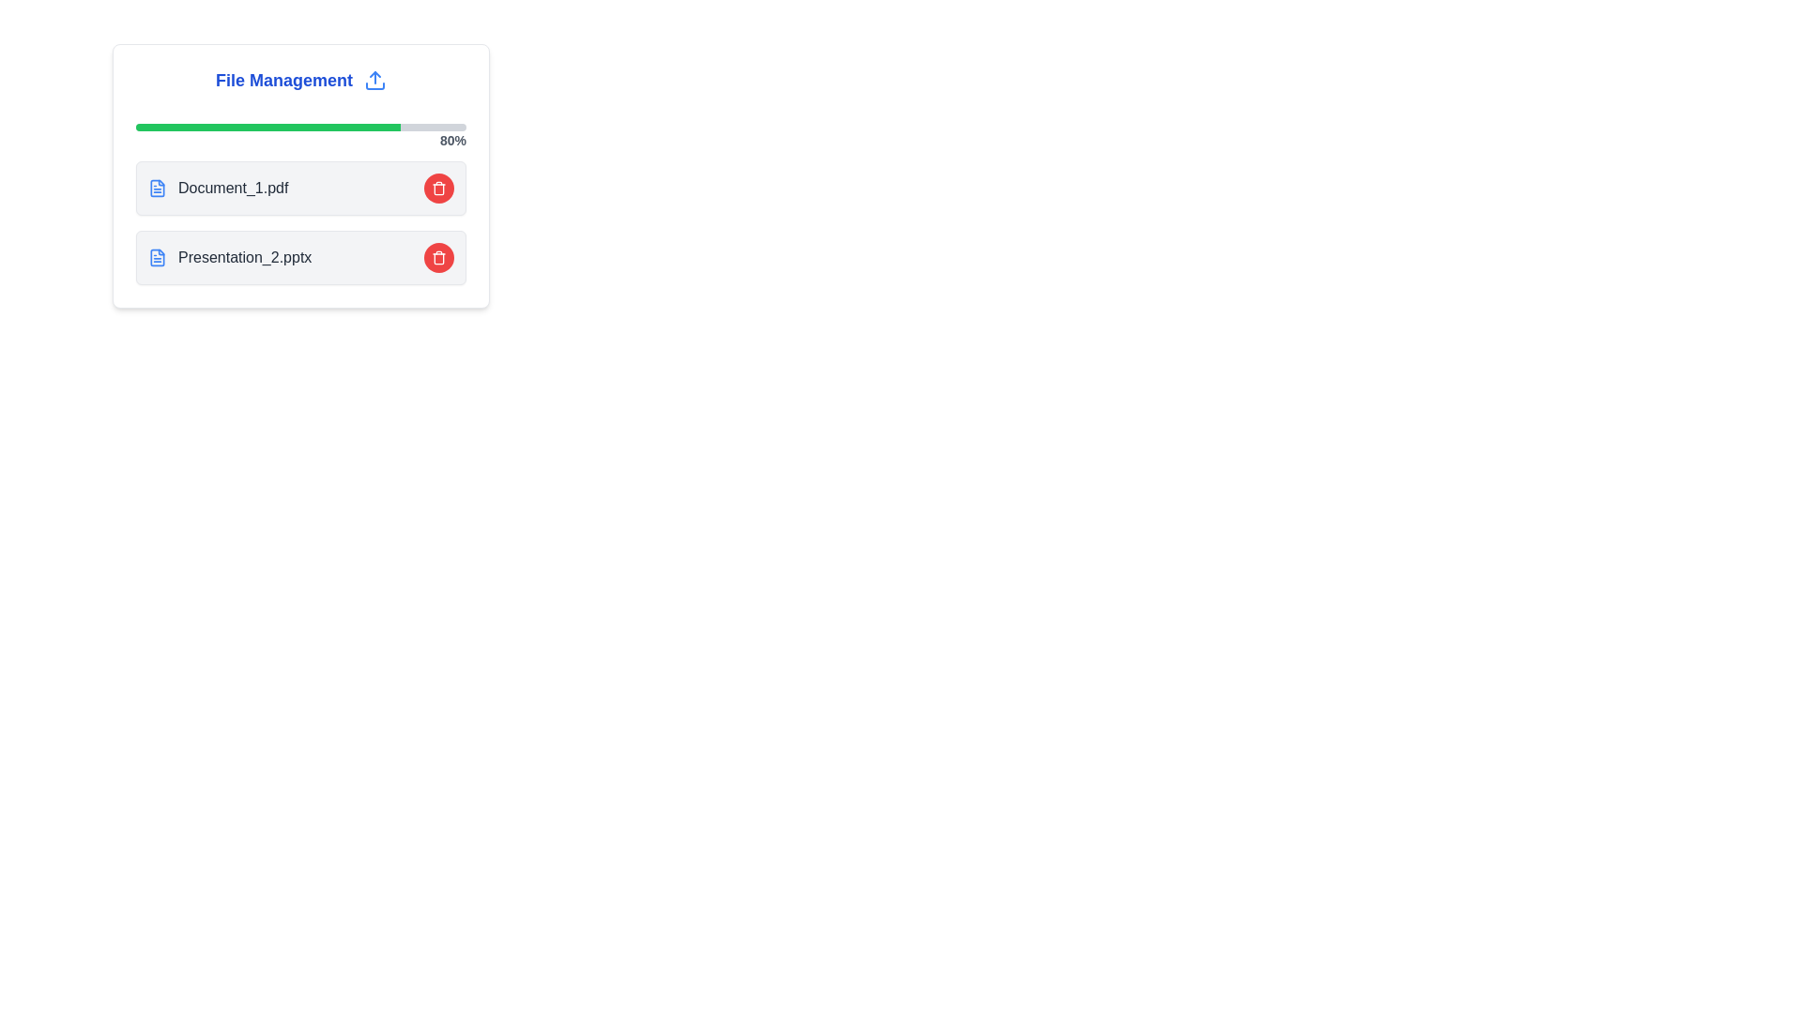  I want to click on the 'delete' button located on the far-right side of the row for 'Document_1.pdf', so click(437, 188).